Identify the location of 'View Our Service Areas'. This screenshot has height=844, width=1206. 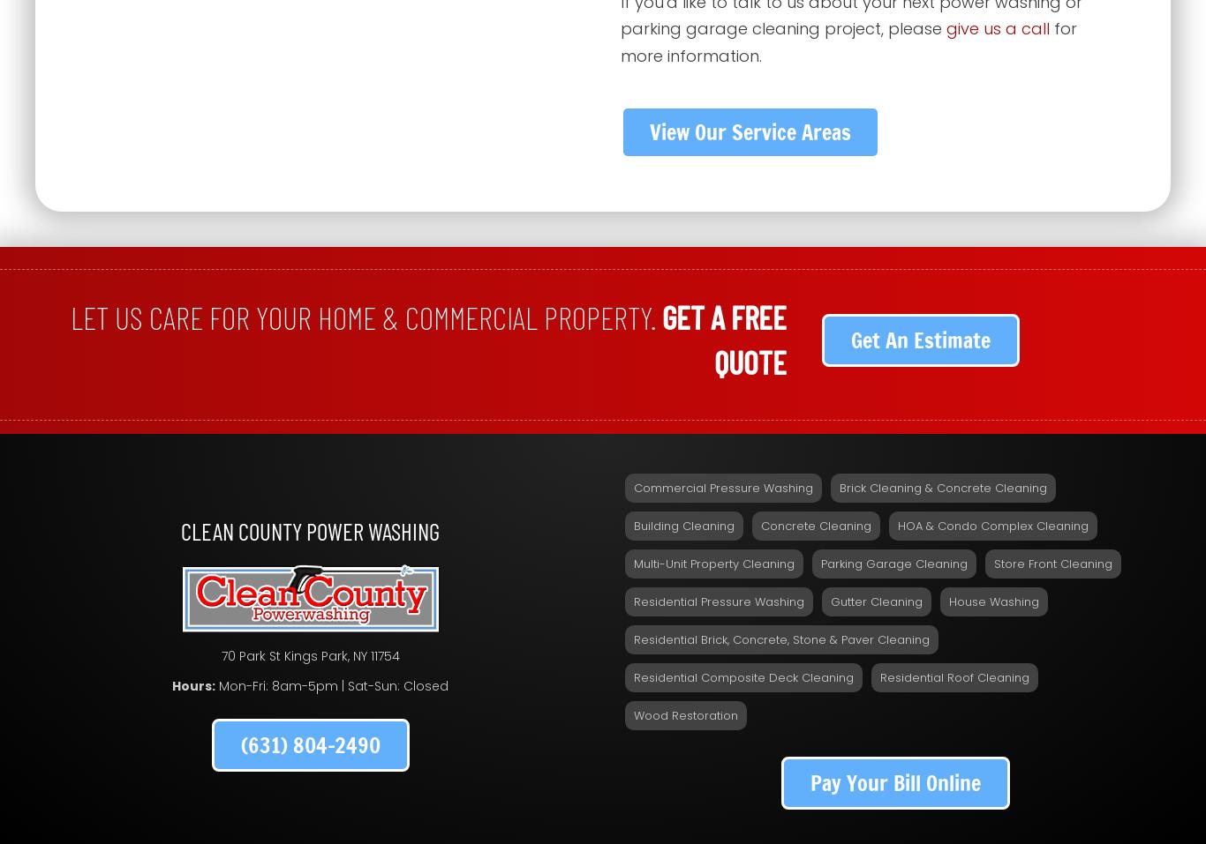
(750, 131).